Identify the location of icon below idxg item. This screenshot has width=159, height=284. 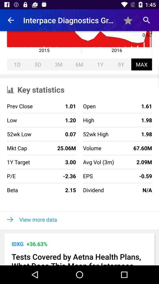
(79, 258).